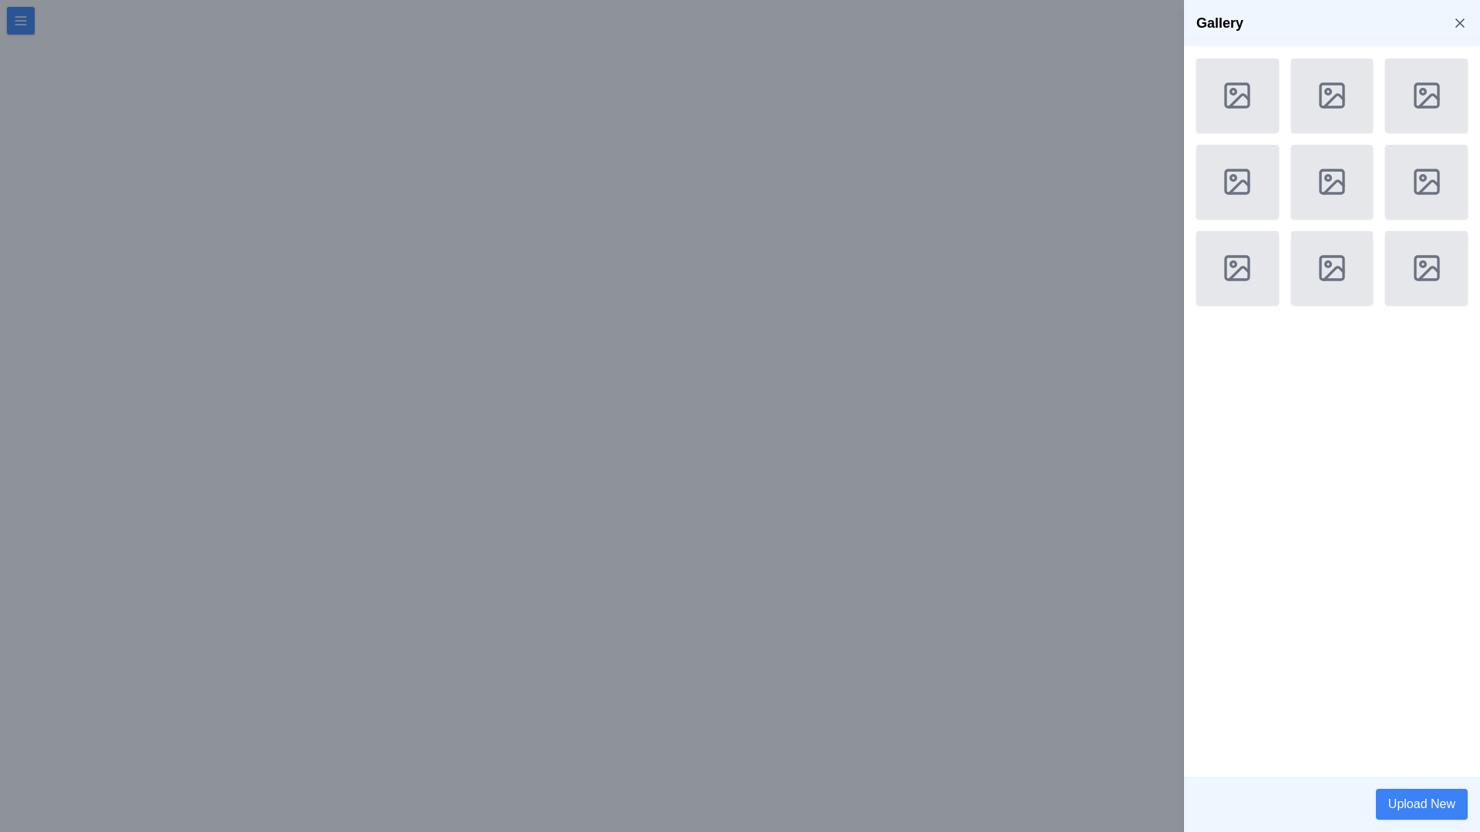  Describe the element at coordinates (1425, 95) in the screenshot. I see `the background shape of the top-right icon in the 3x3 grid of the 'Gallery' section, which serves as a boundary for other graphical features` at that location.